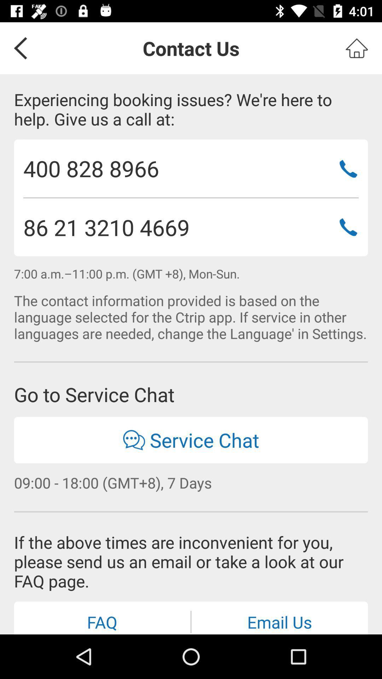  I want to click on item above the experiencing booking issues icon, so click(357, 48).